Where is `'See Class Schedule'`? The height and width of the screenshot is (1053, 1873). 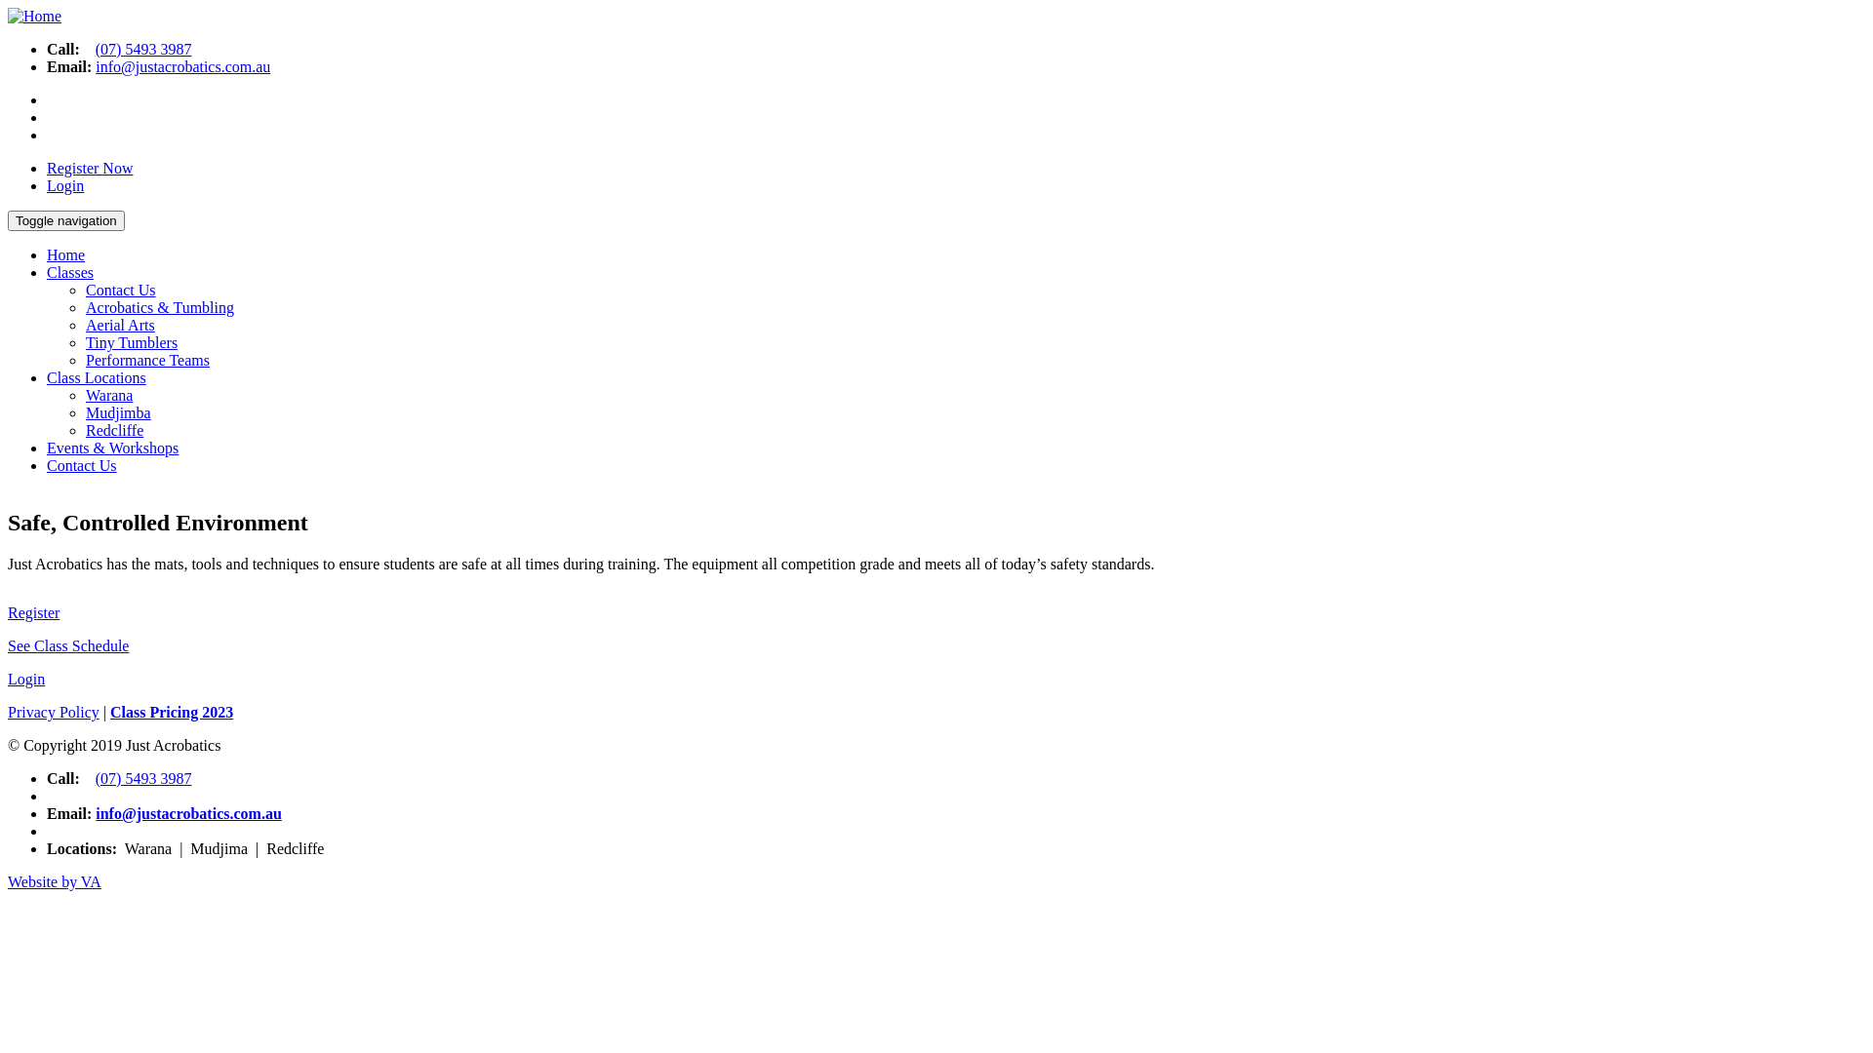 'See Class Schedule' is located at coordinates (68, 645).